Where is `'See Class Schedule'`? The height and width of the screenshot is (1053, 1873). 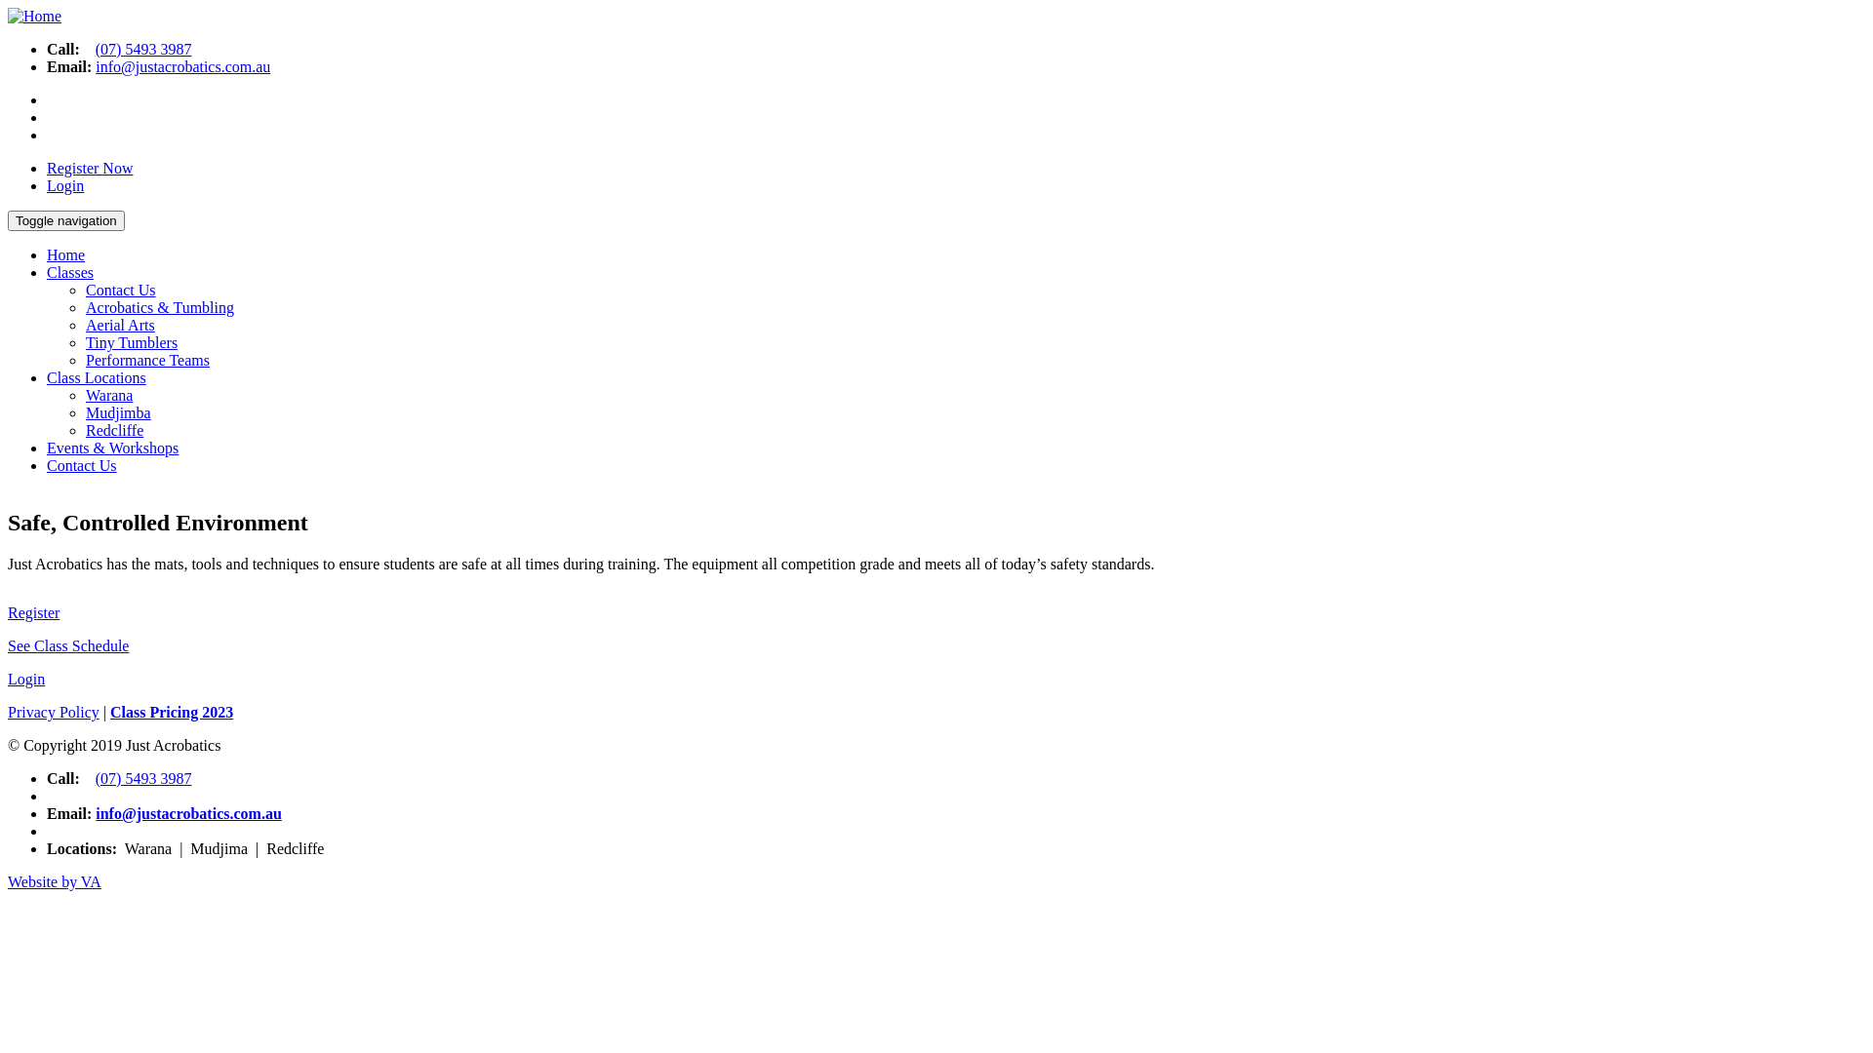 'See Class Schedule' is located at coordinates (68, 645).